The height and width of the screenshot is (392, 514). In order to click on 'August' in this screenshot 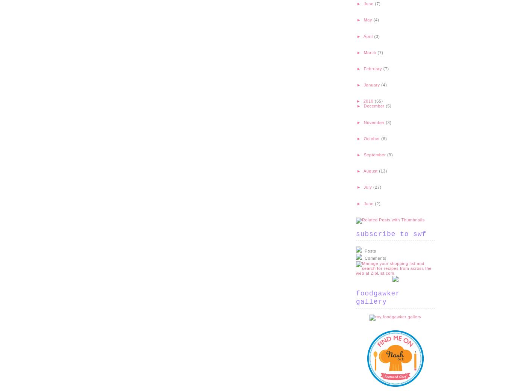, I will do `click(371, 170)`.